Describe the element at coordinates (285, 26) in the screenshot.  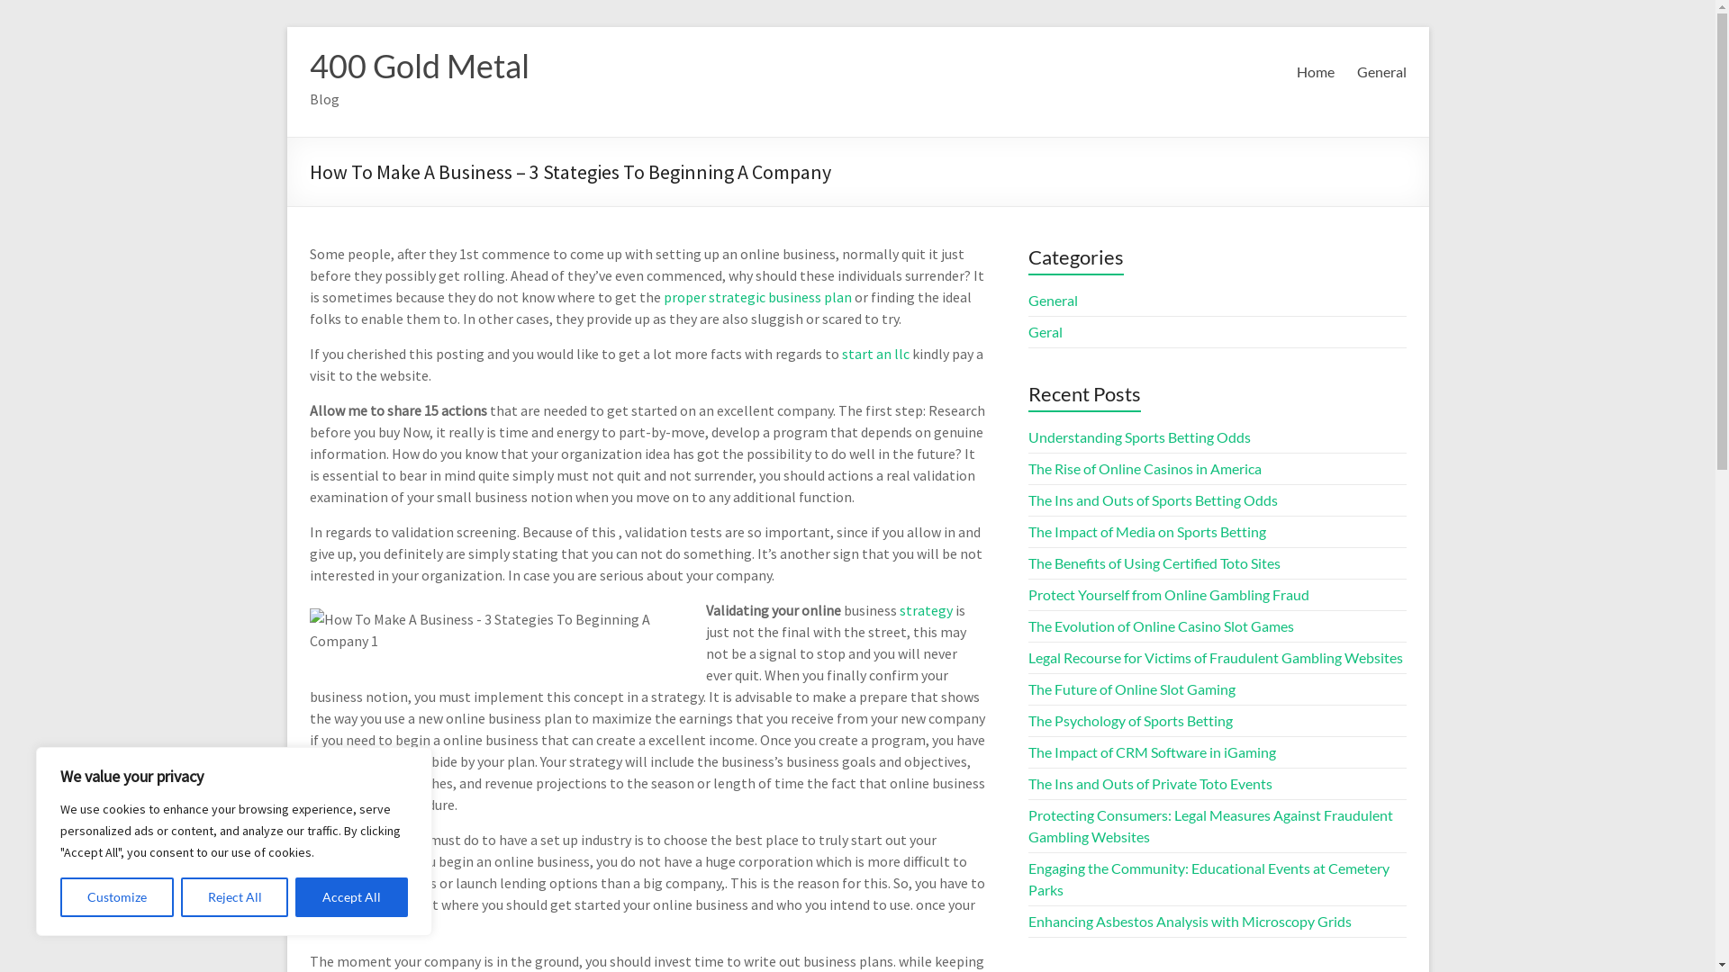
I see `'Skip to content'` at that location.